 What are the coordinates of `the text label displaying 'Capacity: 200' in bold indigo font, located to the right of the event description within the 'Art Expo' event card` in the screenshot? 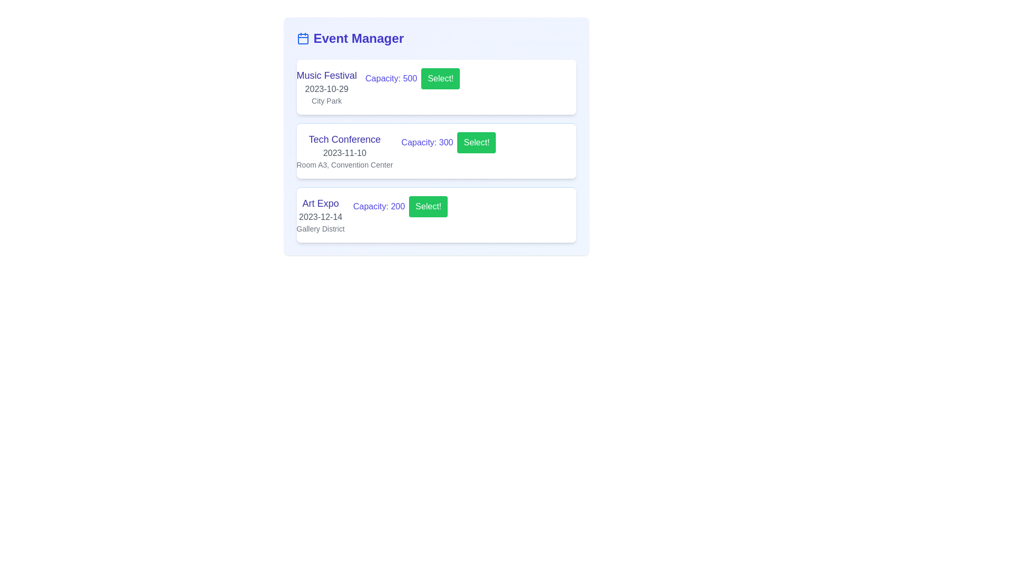 It's located at (379, 206).